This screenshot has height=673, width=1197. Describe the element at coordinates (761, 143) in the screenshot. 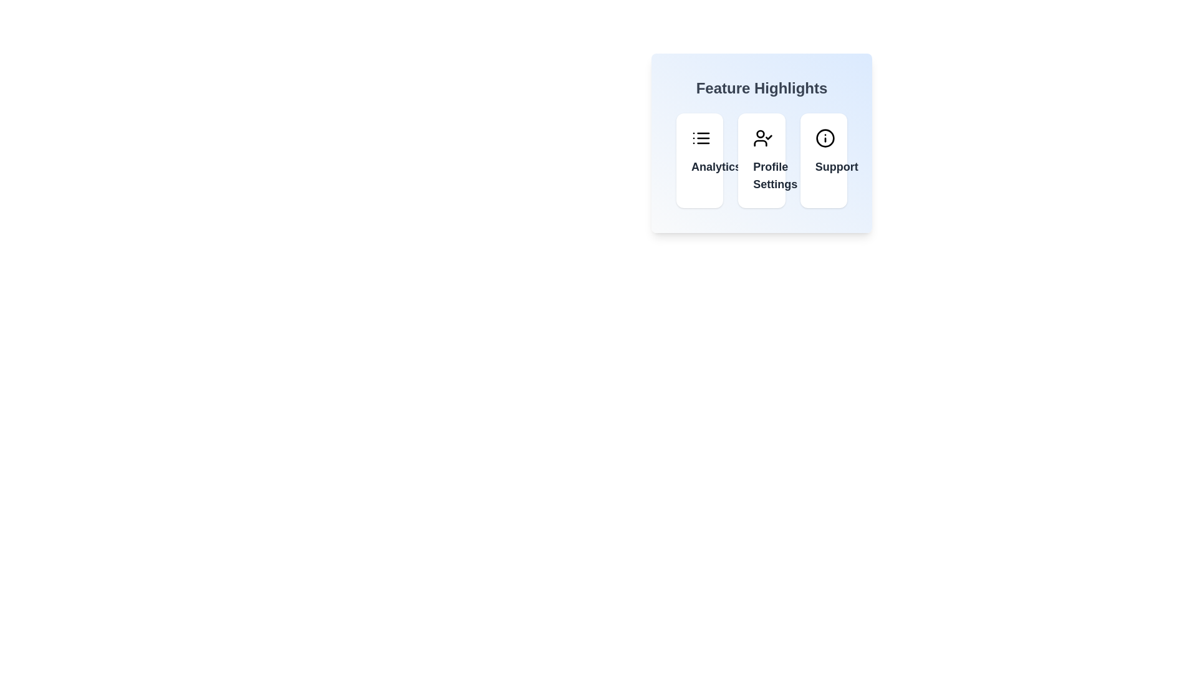

I see `the clickable card representing 'Profile Settings', located in the 'Feature Highlights' section` at that location.